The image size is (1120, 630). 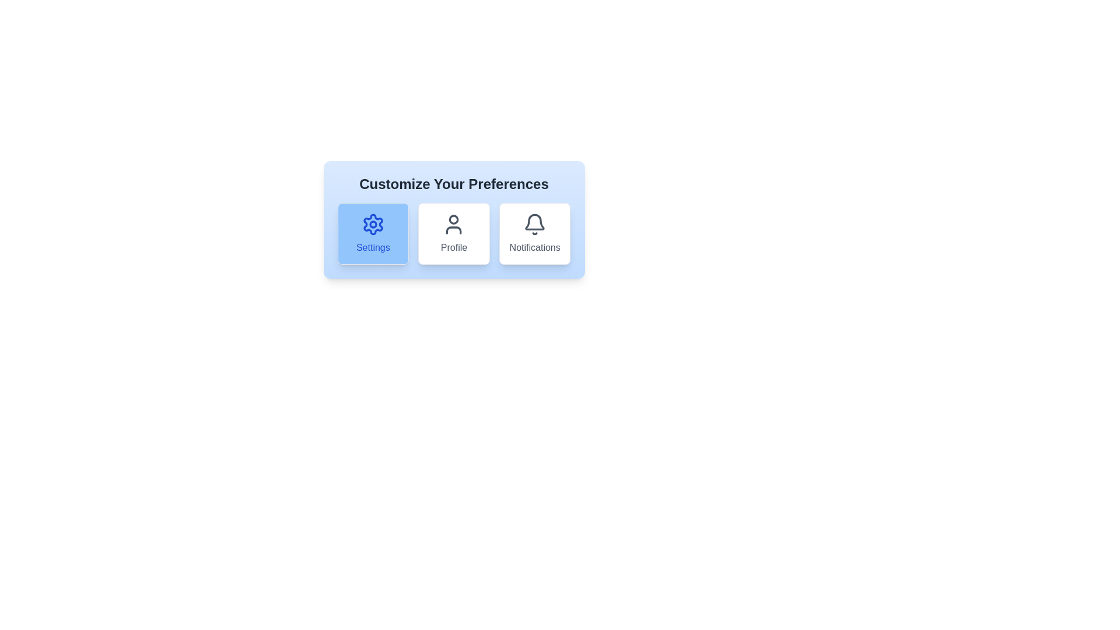 What do you see at coordinates (534, 247) in the screenshot?
I see `the text label that indicates the purpose of the card related to notifications, which is part of the third card in a horizontal grid layout` at bounding box center [534, 247].